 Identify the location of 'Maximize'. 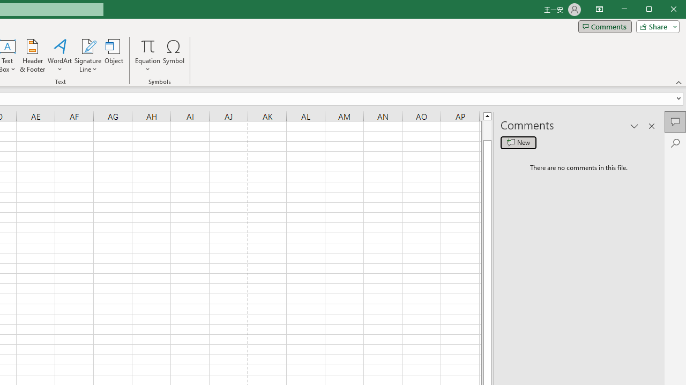
(663, 10).